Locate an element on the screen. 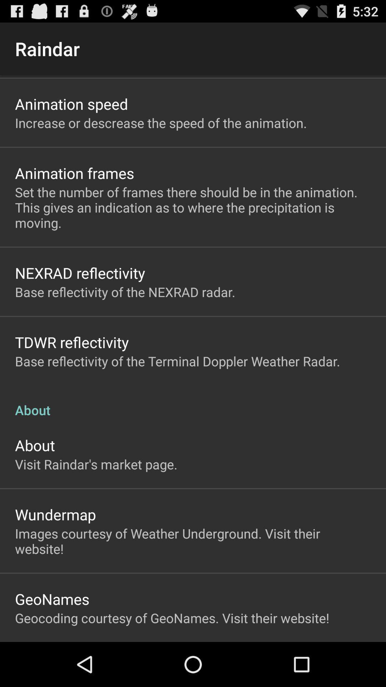 This screenshot has width=386, height=687. increase or descrease item is located at coordinates (161, 123).